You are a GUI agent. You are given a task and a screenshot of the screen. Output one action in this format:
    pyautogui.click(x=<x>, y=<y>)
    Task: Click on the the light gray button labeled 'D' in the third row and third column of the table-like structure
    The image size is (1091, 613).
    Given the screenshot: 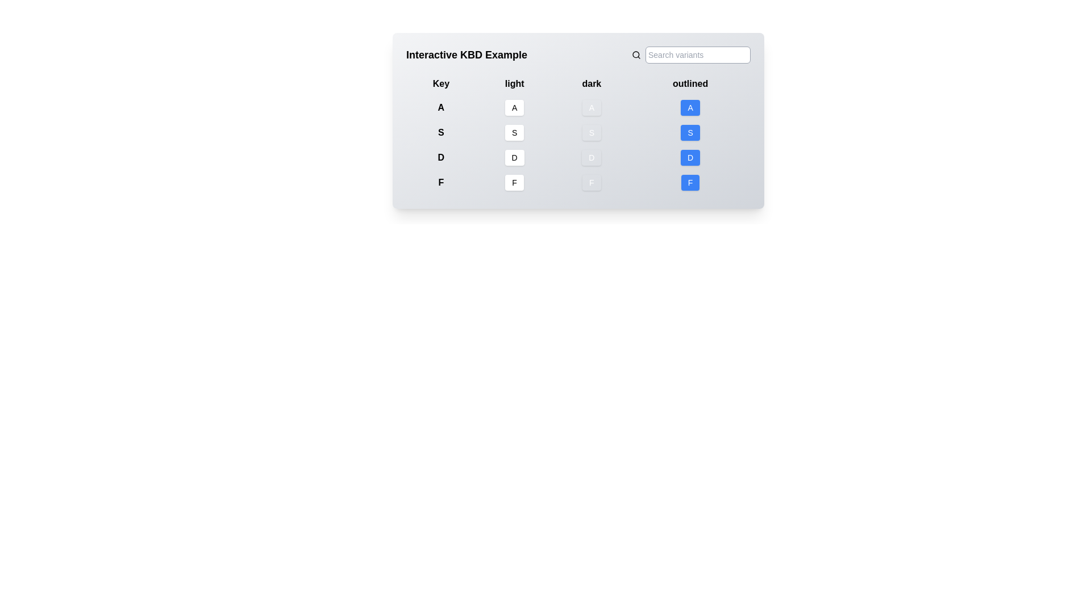 What is the action you would take?
    pyautogui.click(x=578, y=144)
    